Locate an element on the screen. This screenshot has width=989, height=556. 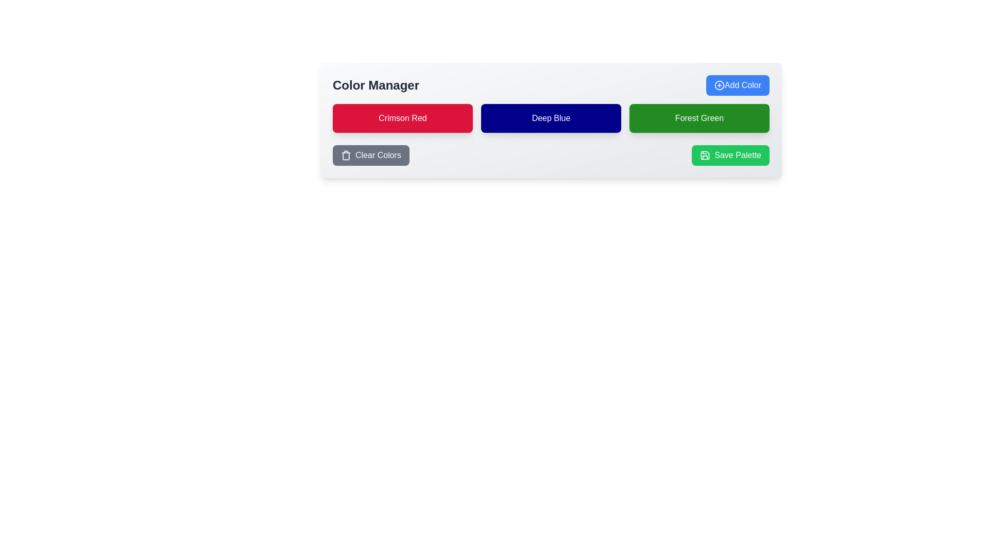
the non-interactive text label indicating the color 'Crimson Red', which is located within the button in the 'Color Manager' section, specifically the first button from the left is located at coordinates (402, 118).